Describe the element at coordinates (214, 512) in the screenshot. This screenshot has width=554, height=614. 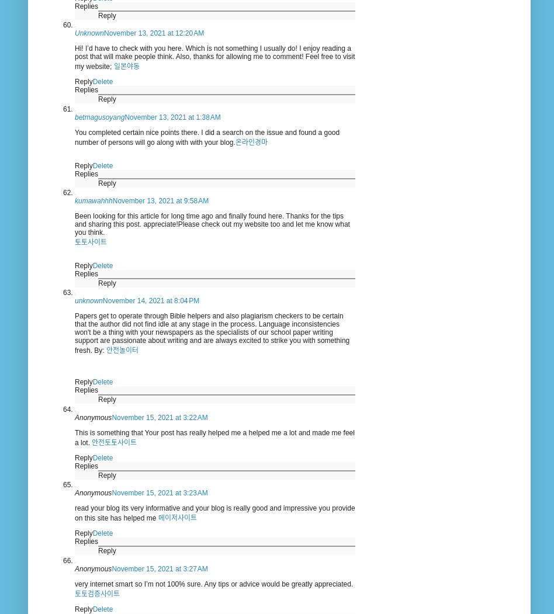
I see `'read your blog its very informative and your blog is really good and impressive you provide on this site has helped me'` at that location.